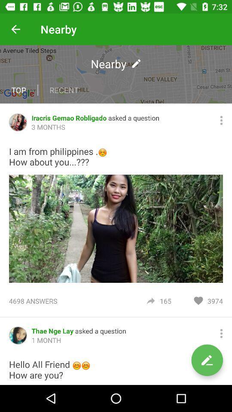 This screenshot has width=232, height=412. I want to click on the edit icon, so click(207, 360).